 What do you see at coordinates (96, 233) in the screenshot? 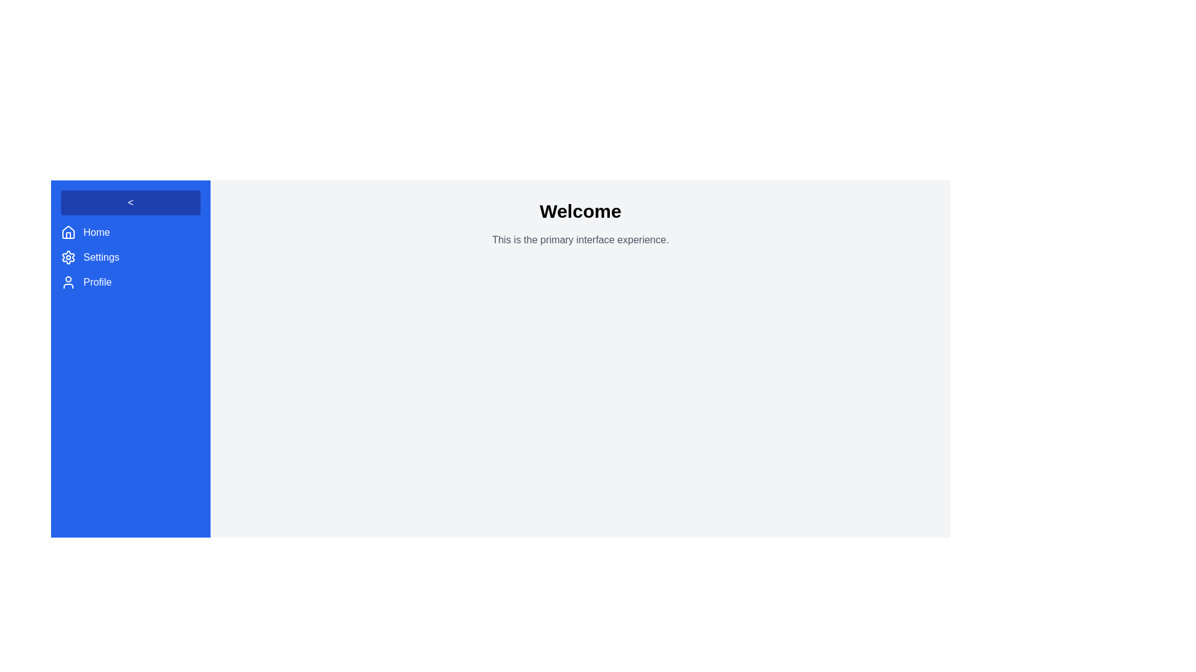
I see `the 'Home' text label in the navigation menu located in the left sidebar` at bounding box center [96, 233].